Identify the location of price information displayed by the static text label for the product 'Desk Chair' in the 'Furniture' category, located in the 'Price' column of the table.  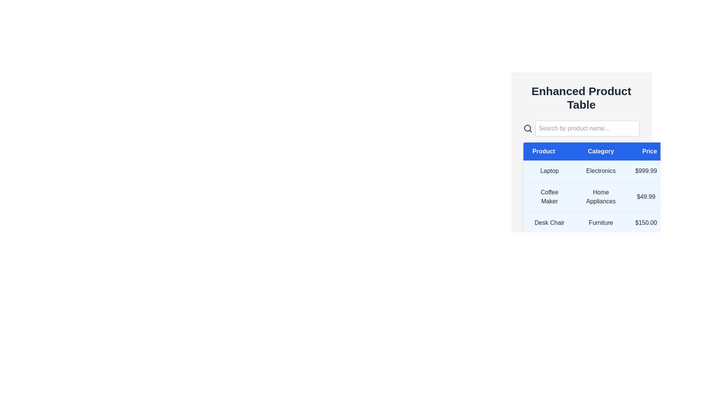
(645, 223).